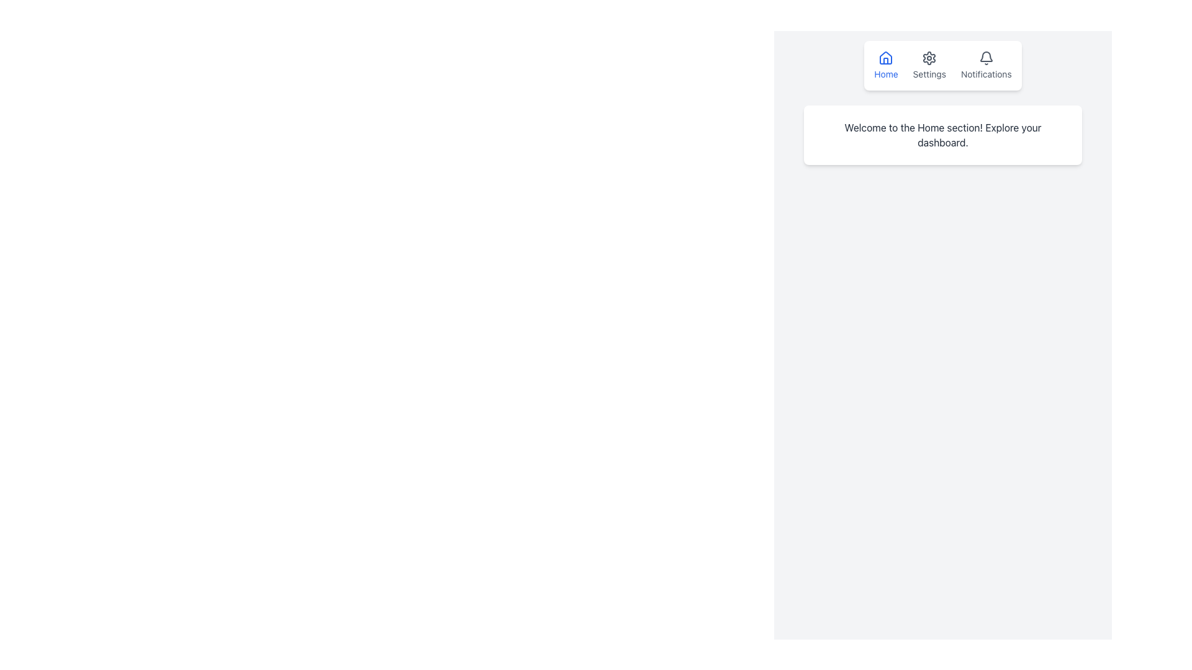  Describe the element at coordinates (929, 65) in the screenshot. I see `the navigation button with icon and label for accessing the 'Settings' section of the application to proceed to the settings page` at that location.